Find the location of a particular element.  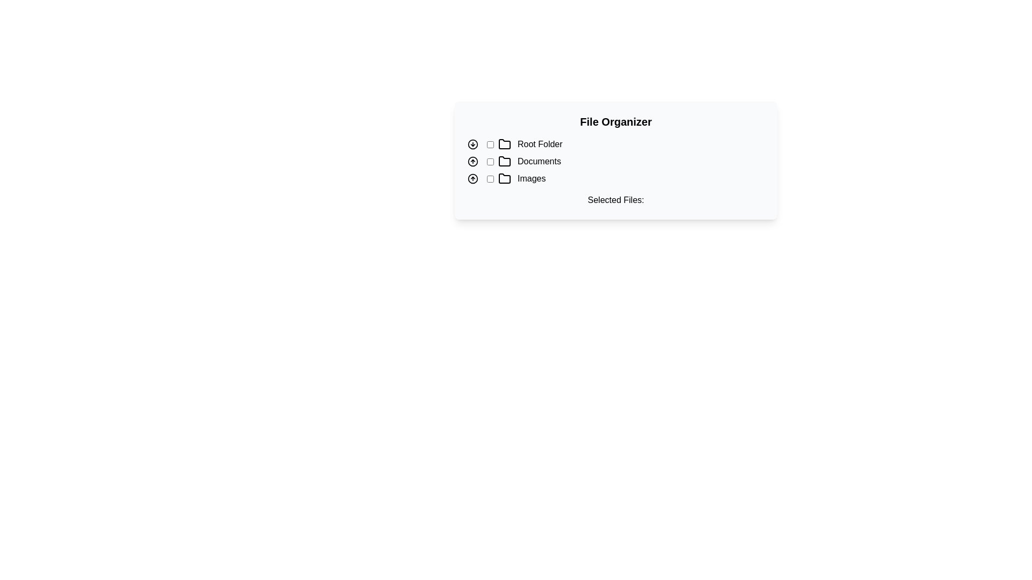

the folder icon representing the 'Documents' category in the 'File Organizer' section, which is positioned in the second row of the list is located at coordinates (504, 161).